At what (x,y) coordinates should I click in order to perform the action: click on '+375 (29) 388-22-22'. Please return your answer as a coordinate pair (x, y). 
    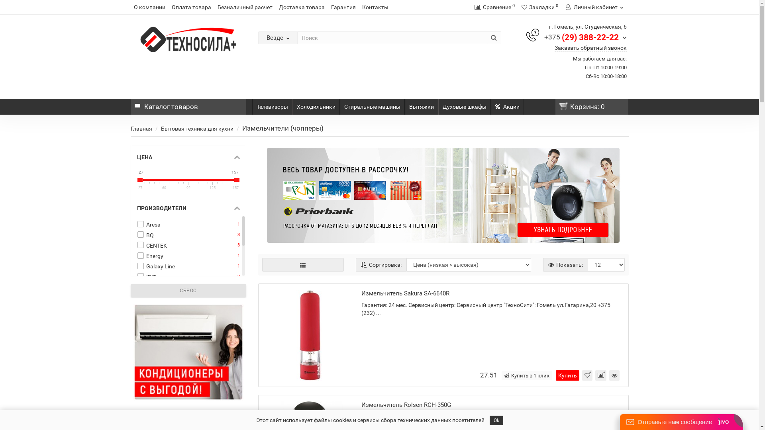
    Looking at the image, I should click on (585, 37).